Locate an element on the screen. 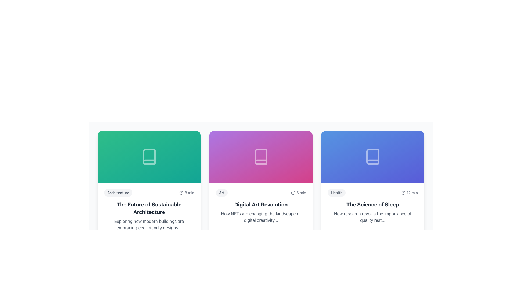 This screenshot has height=290, width=516. the text block that provides a brief description about the article titled 'Digital Art Revolution', located within a card component in a vertical stack is located at coordinates (261, 216).